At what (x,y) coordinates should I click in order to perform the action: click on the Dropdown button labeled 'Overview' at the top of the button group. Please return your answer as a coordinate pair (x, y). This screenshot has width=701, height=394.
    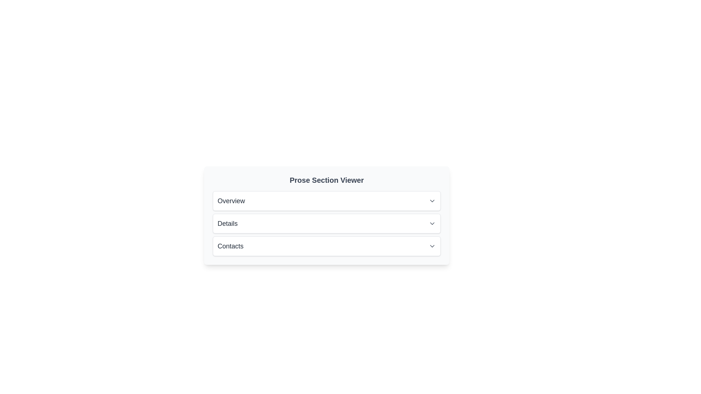
    Looking at the image, I should click on (326, 201).